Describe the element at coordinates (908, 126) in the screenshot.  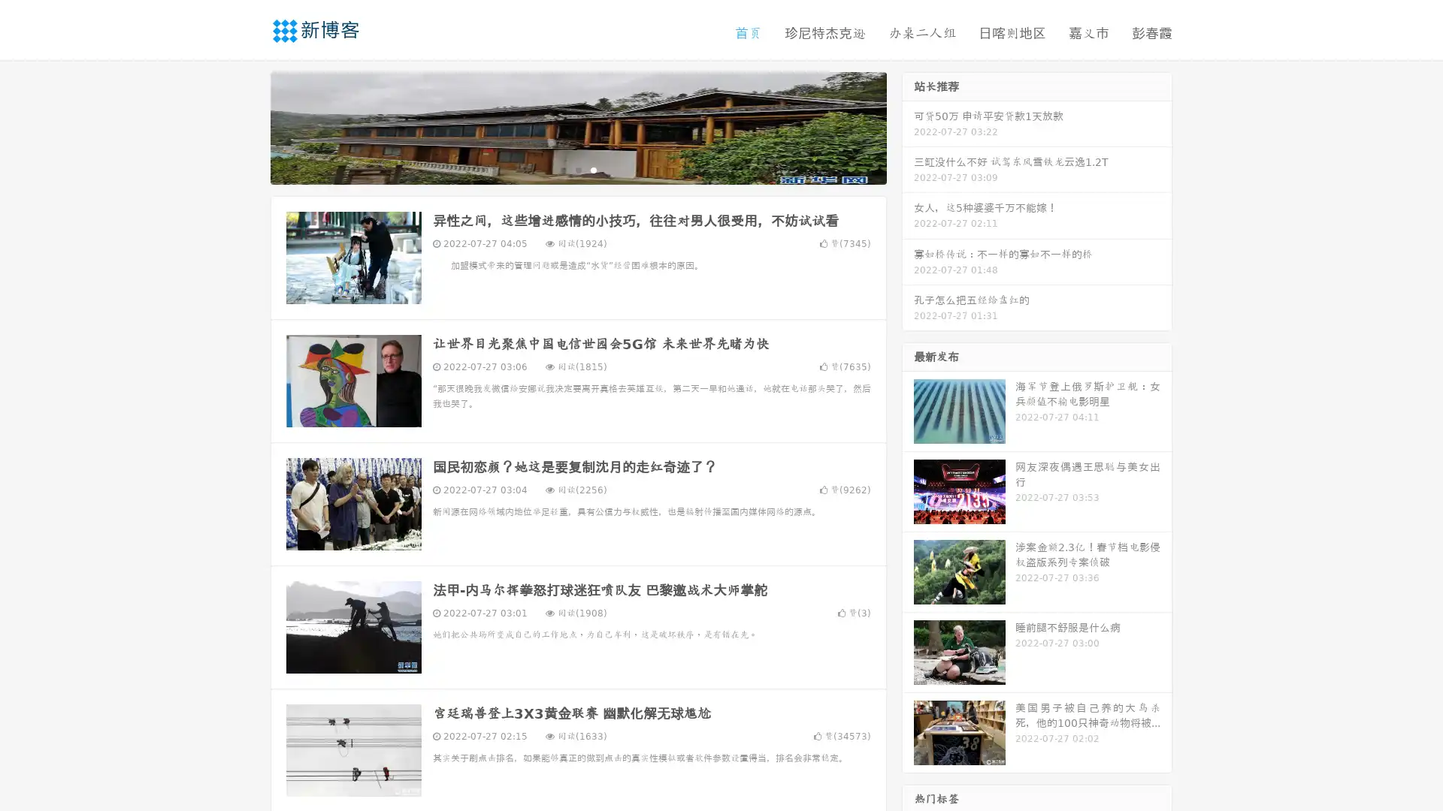
I see `Next slide` at that location.